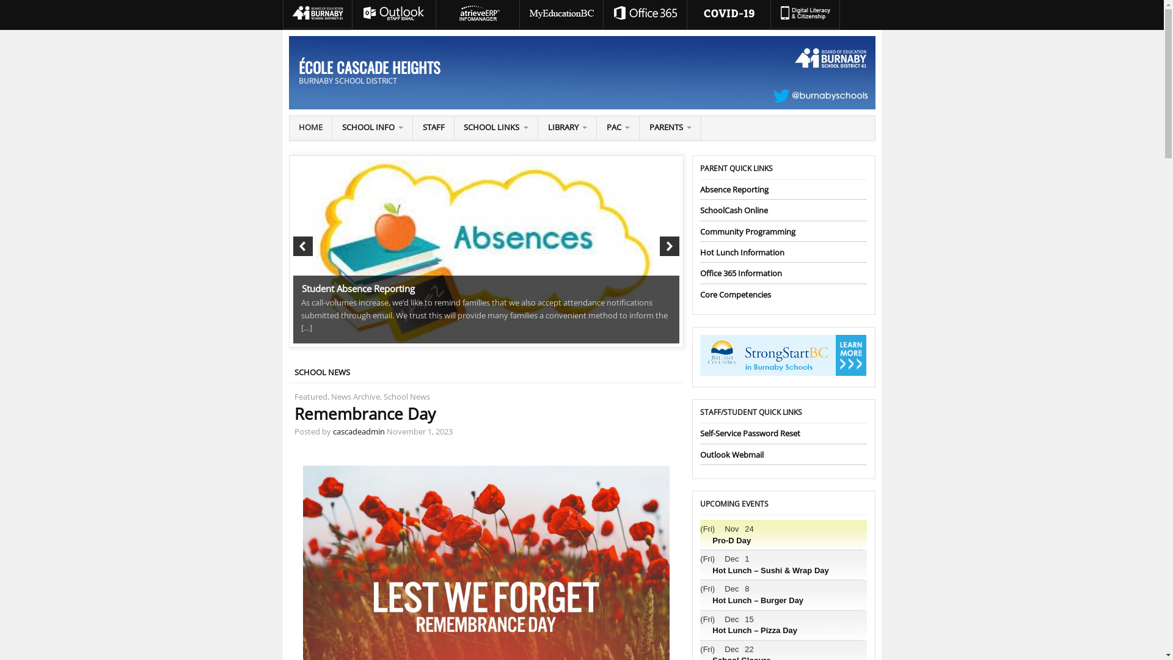 This screenshot has height=660, width=1173. Describe the element at coordinates (302, 246) in the screenshot. I see `'Previous'` at that location.